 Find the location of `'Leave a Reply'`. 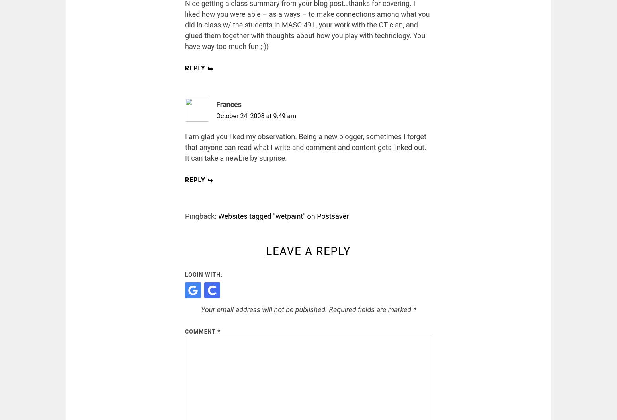

'Leave a Reply' is located at coordinates (266, 251).